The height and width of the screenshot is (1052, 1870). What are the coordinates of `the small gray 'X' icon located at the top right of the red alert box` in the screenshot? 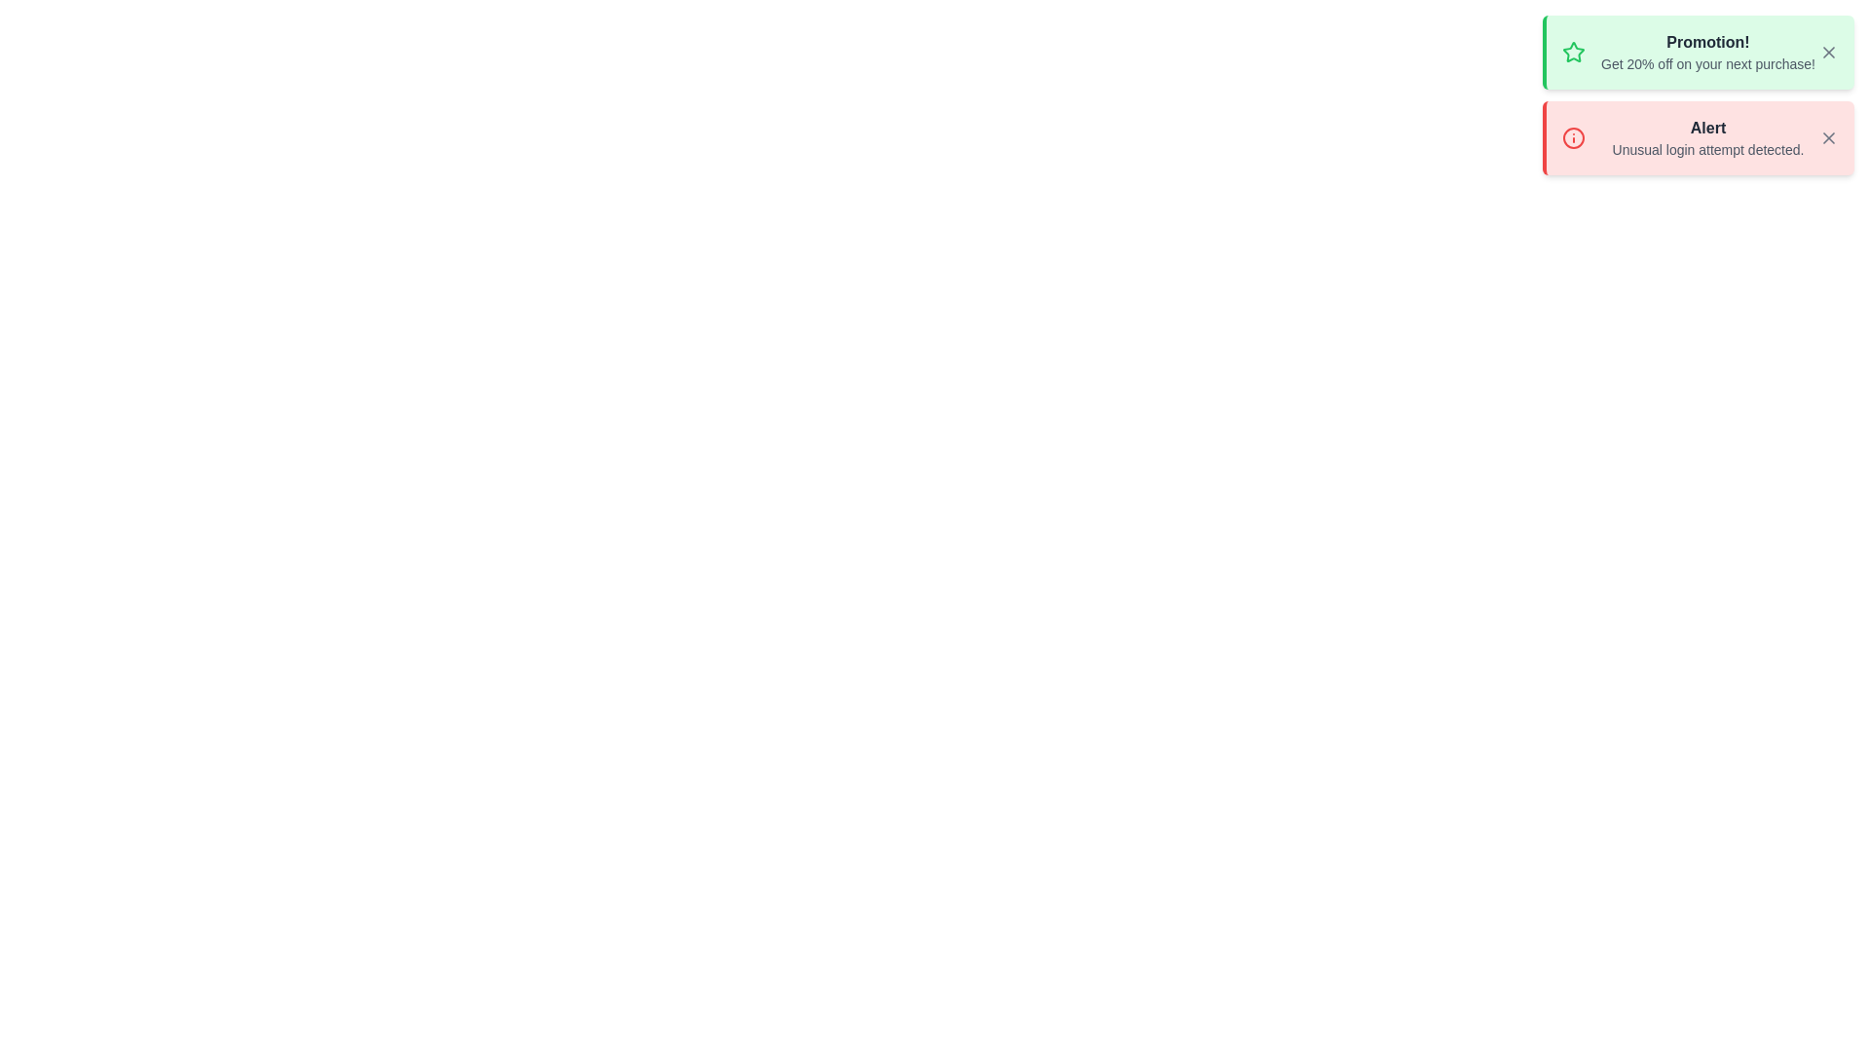 It's located at (1827, 137).